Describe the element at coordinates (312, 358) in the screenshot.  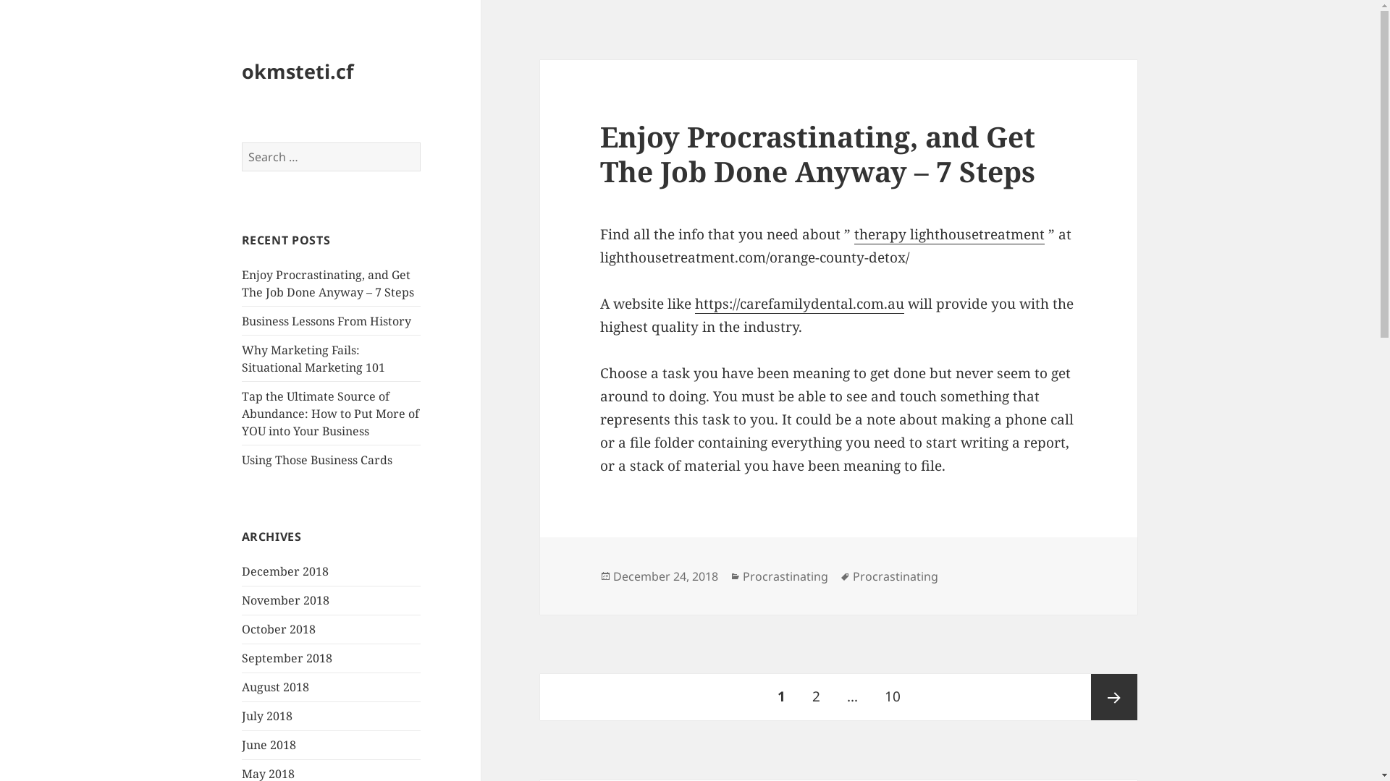
I see `'Why Marketing Fails: Situational Marketing 101'` at that location.